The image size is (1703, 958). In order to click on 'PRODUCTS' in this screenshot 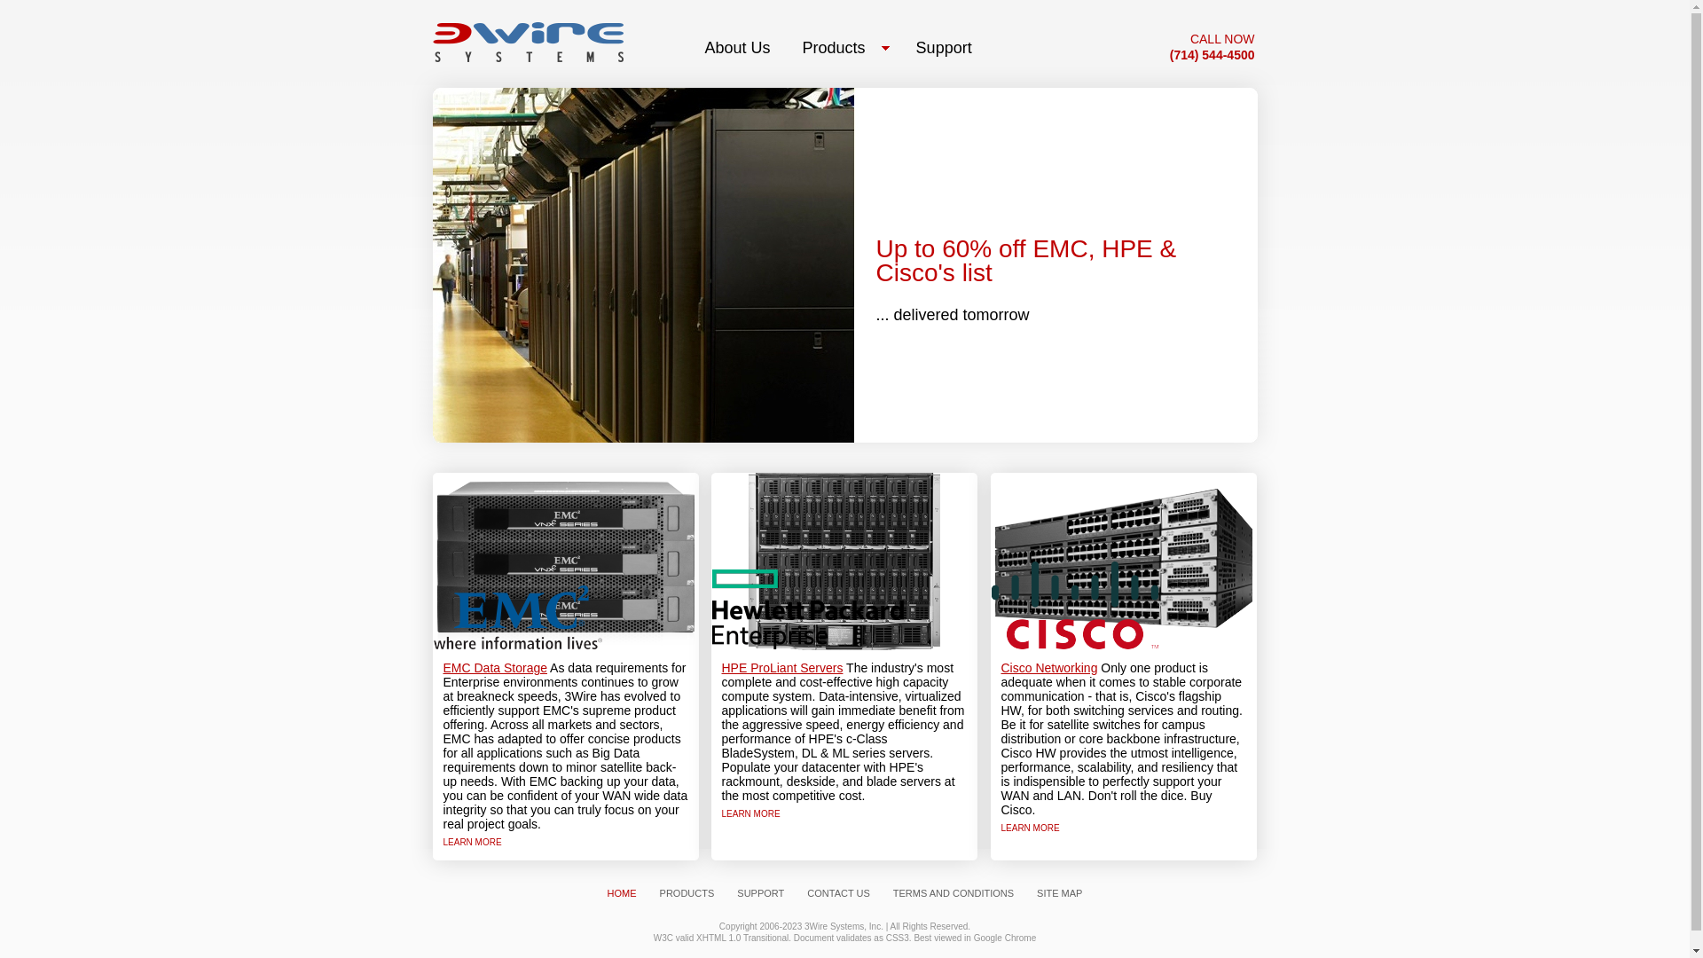, I will do `click(647, 892)`.